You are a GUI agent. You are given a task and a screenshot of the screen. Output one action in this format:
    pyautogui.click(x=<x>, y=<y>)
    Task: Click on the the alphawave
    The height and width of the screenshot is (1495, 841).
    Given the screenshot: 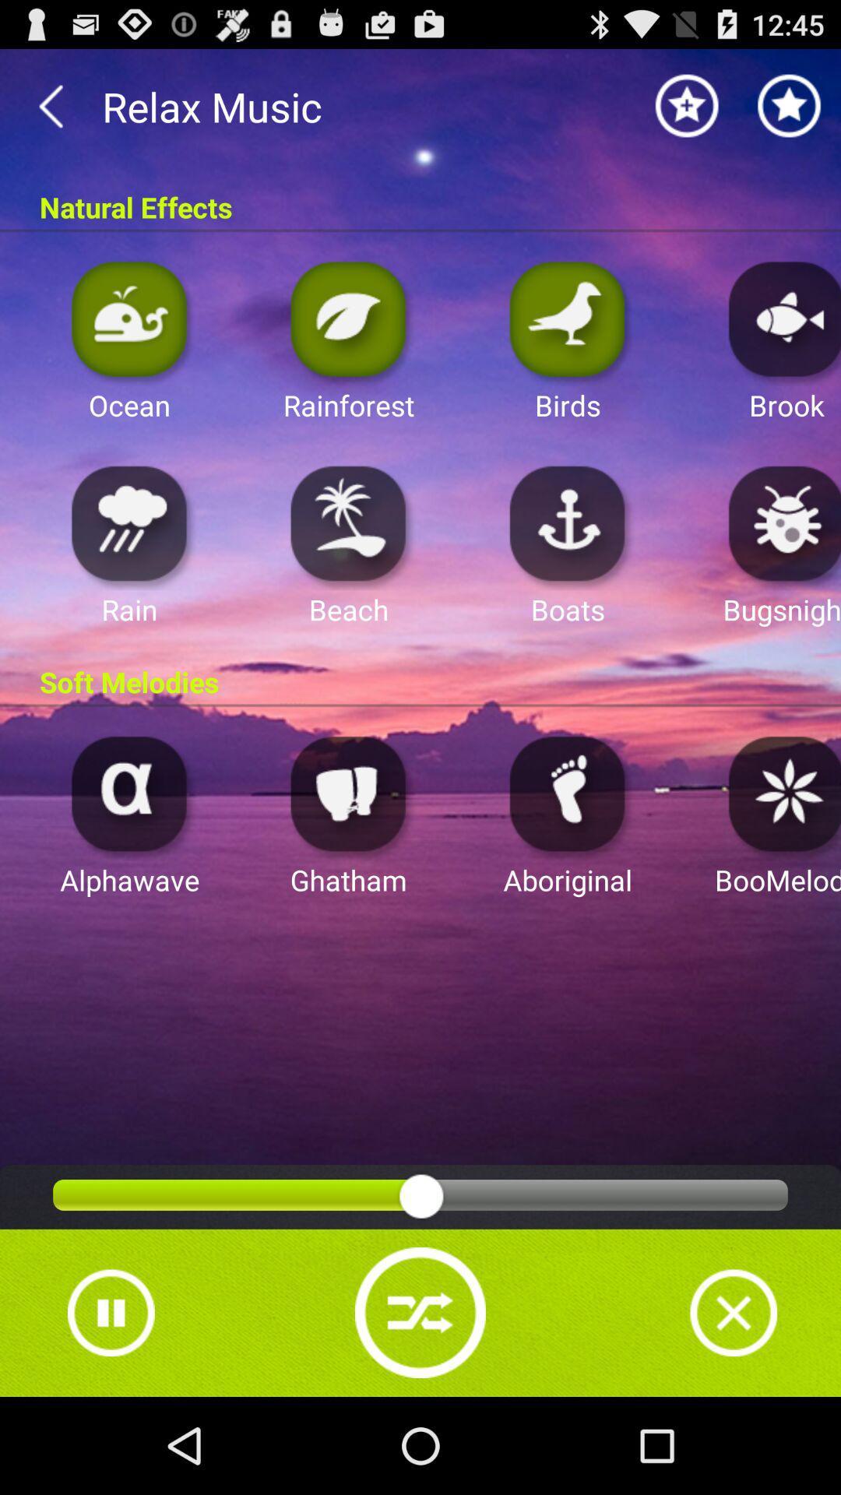 What is the action you would take?
    pyautogui.click(x=128, y=793)
    